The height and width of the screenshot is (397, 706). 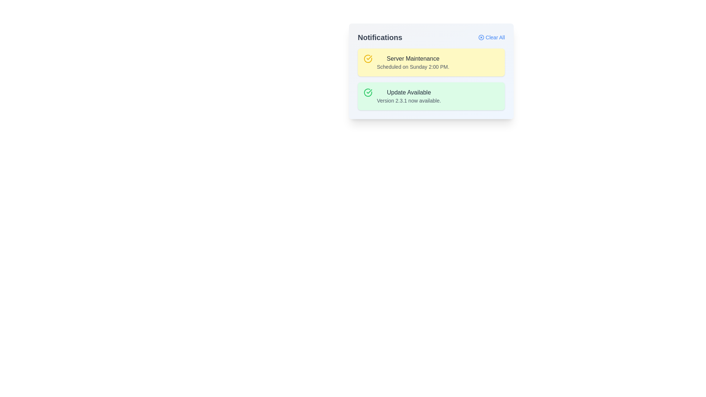 I want to click on the text label displaying 'Scheduled on Sunday 2:00 PM.' which is located under the heading 'Server Maintenance' in the upper yellow notification card, so click(x=413, y=67).